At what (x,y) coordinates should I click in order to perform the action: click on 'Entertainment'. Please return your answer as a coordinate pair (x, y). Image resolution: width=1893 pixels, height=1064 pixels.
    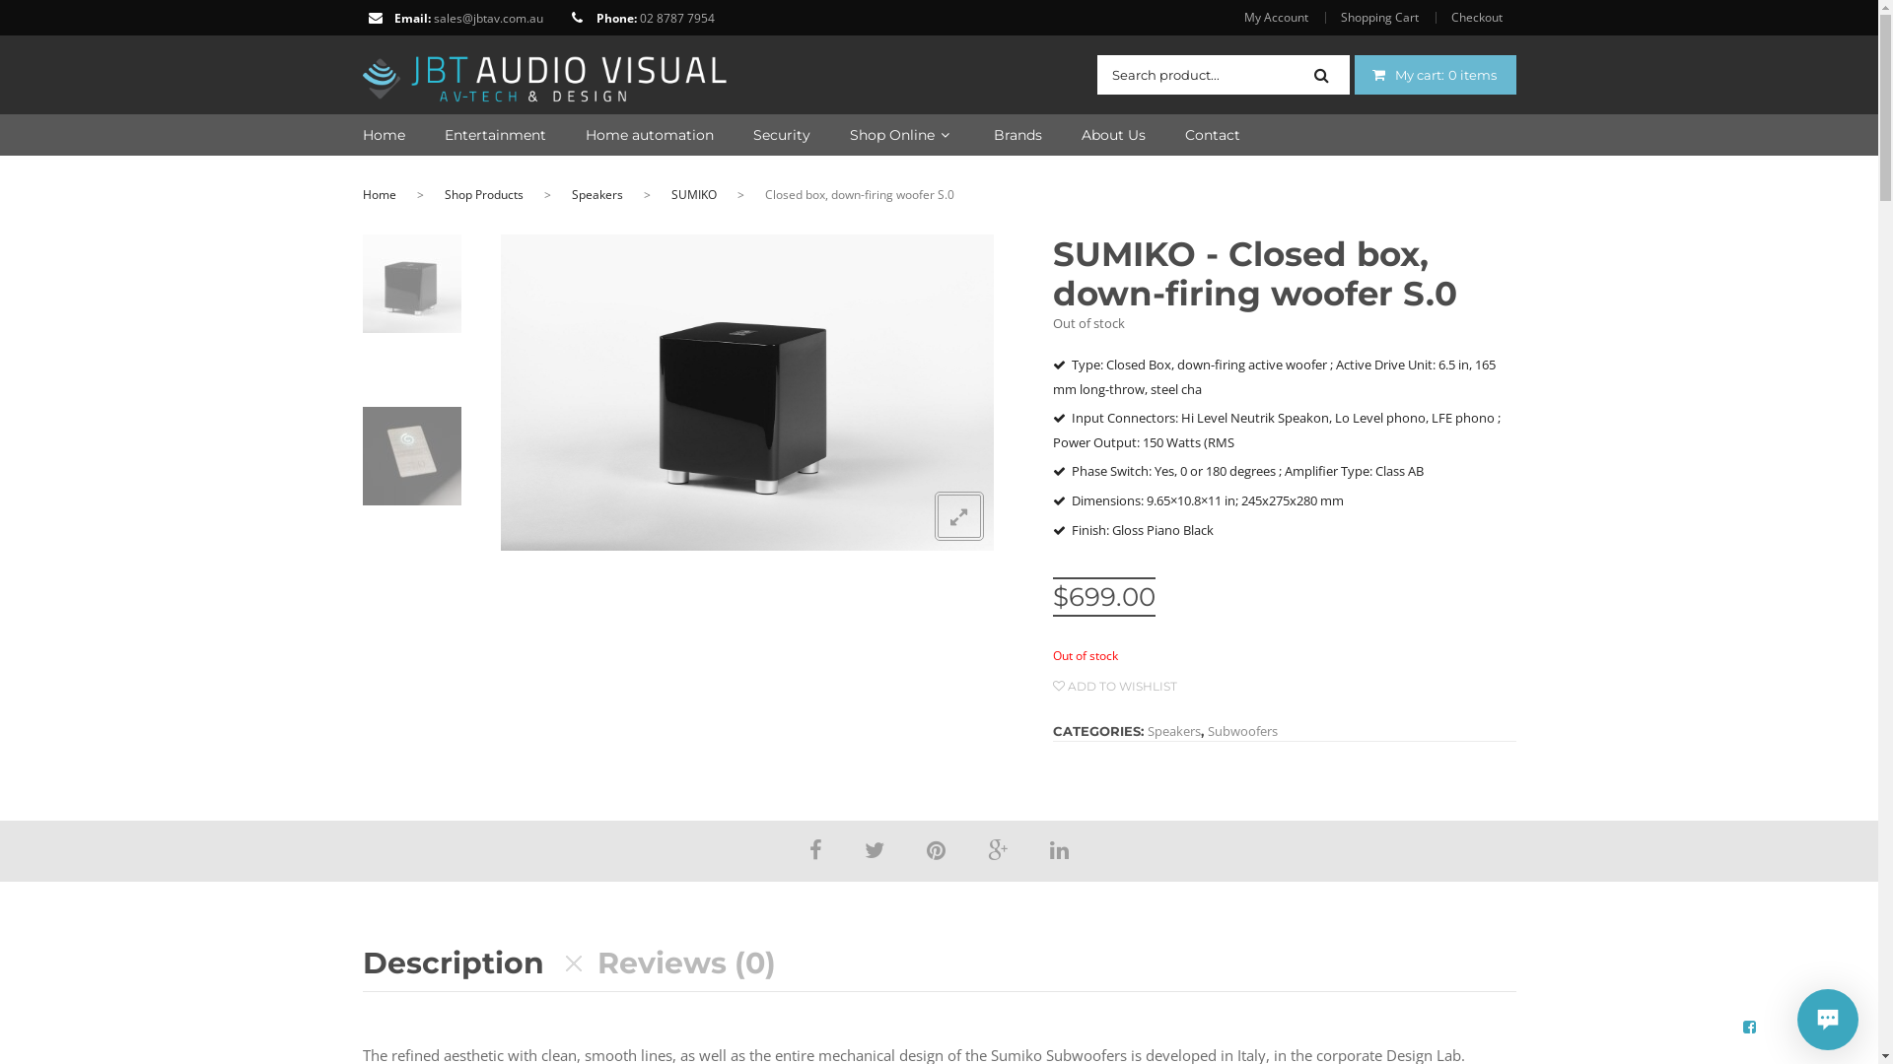
    Looking at the image, I should click on (474, 134).